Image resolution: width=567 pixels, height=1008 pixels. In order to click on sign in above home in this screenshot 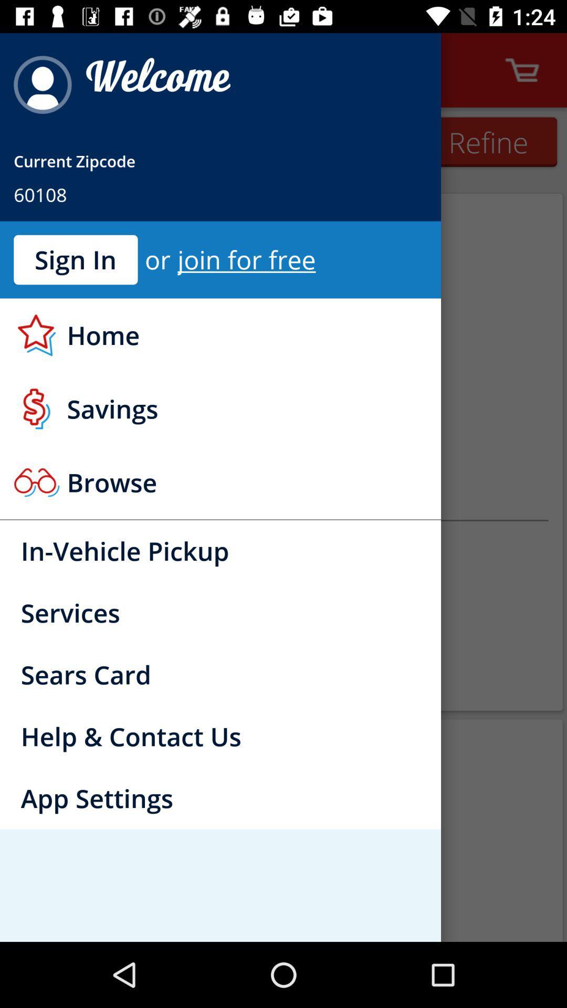, I will do `click(75, 259)`.